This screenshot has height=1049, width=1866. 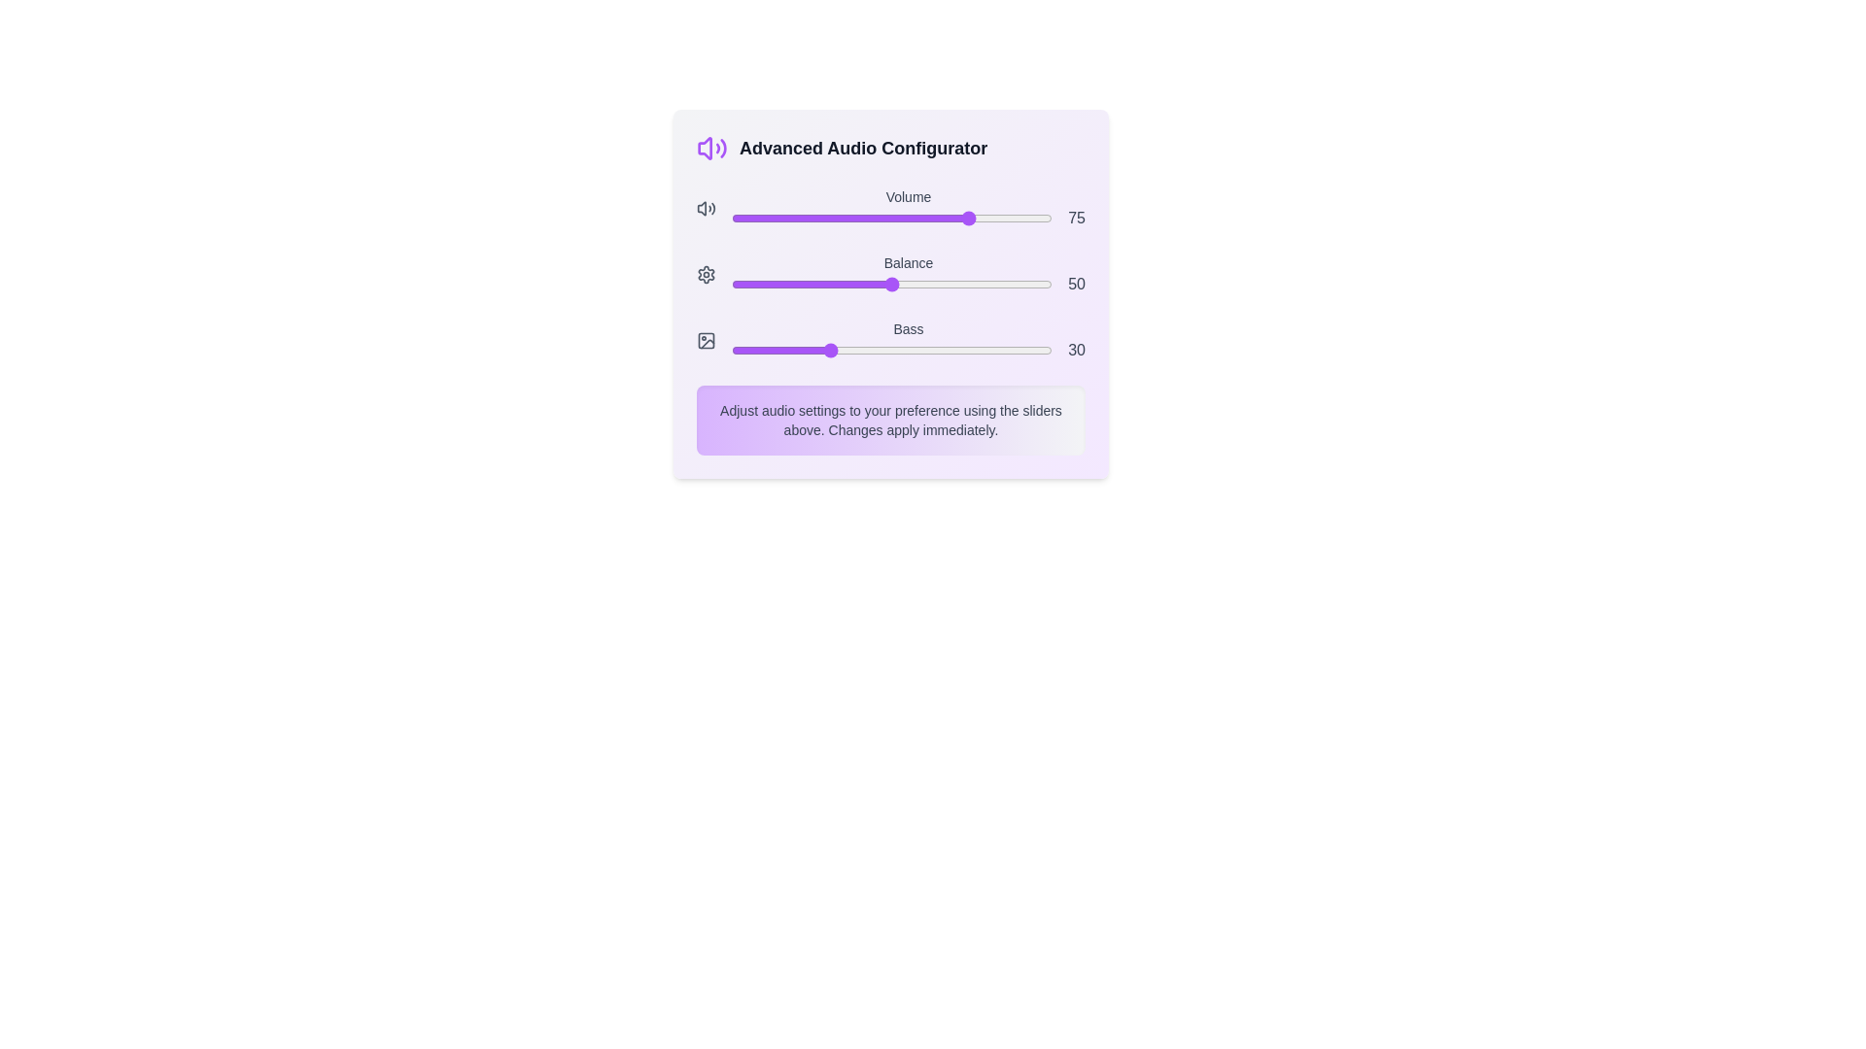 What do you see at coordinates (818, 218) in the screenshot?
I see `the volume slider to set the volume to 27%` at bounding box center [818, 218].